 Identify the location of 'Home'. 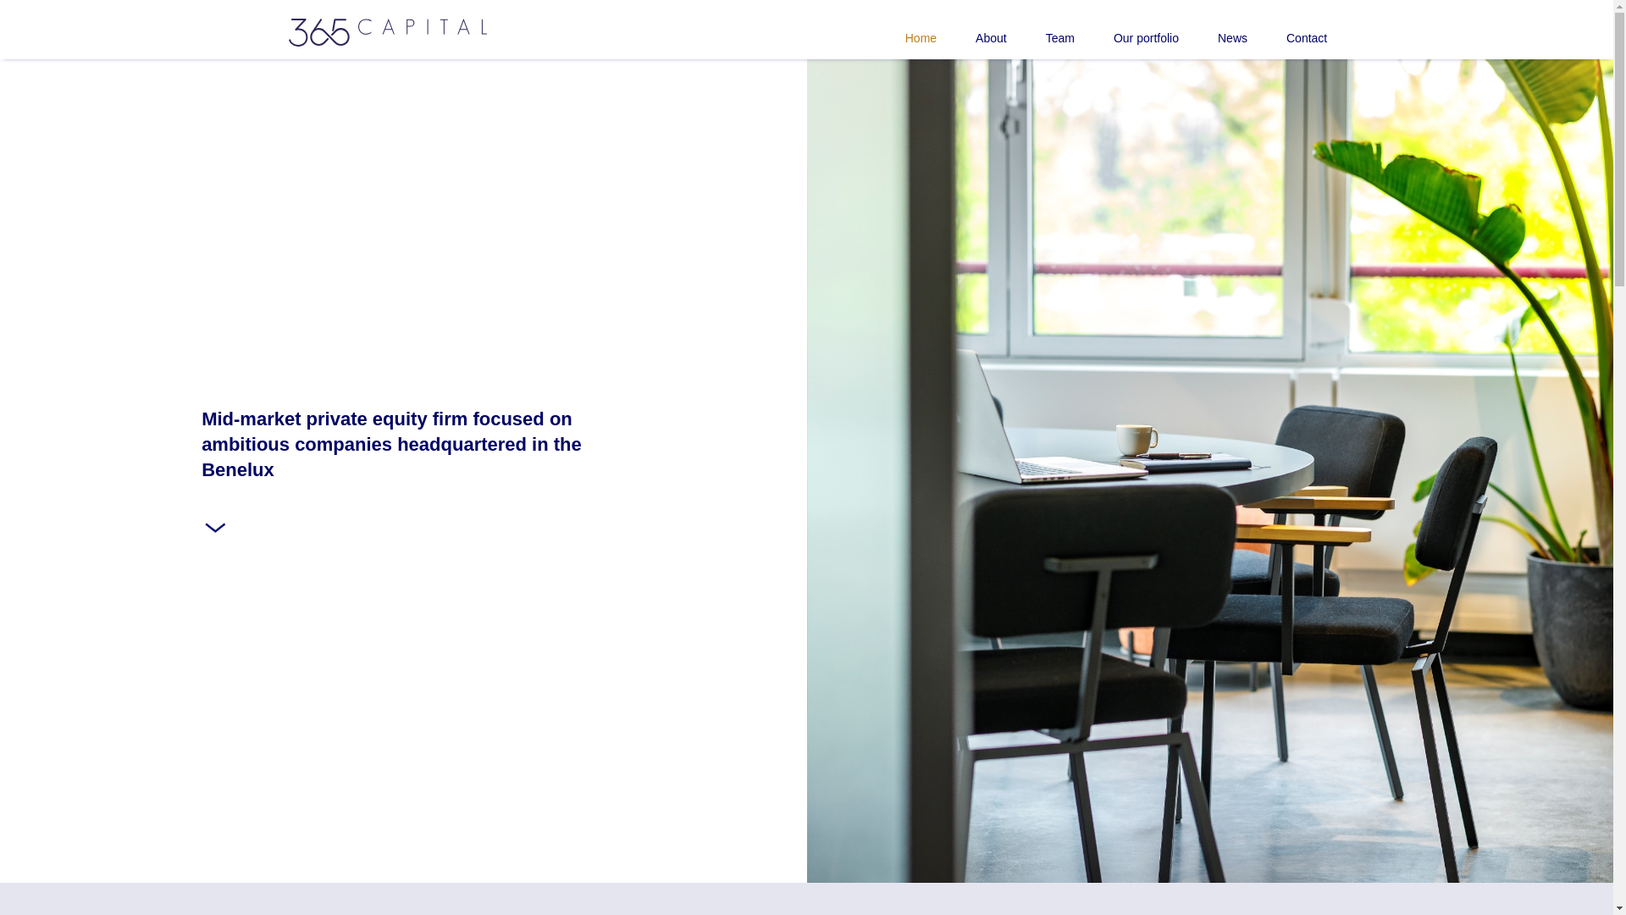
(900, 29).